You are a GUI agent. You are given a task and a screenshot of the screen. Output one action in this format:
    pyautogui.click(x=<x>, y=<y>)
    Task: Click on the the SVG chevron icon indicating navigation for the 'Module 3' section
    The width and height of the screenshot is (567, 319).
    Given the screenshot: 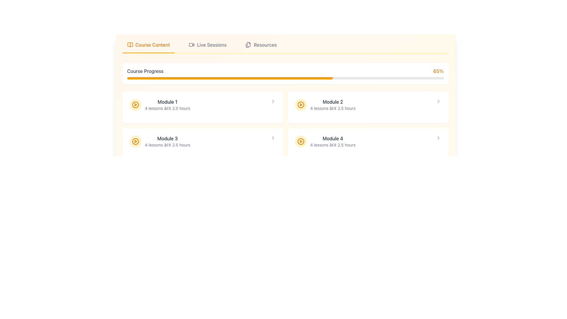 What is the action you would take?
    pyautogui.click(x=273, y=138)
    